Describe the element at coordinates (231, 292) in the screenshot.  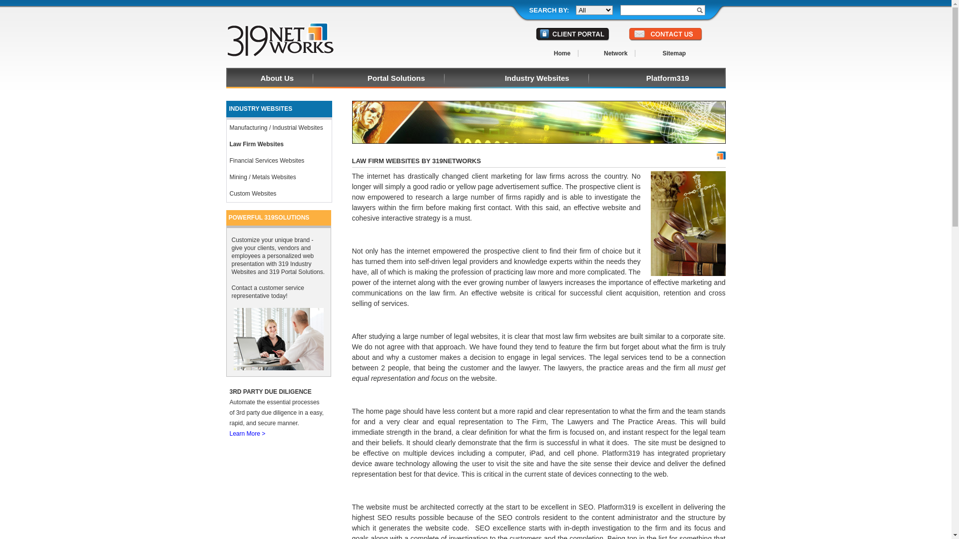
I see `'Contact a customer service representative today!'` at that location.